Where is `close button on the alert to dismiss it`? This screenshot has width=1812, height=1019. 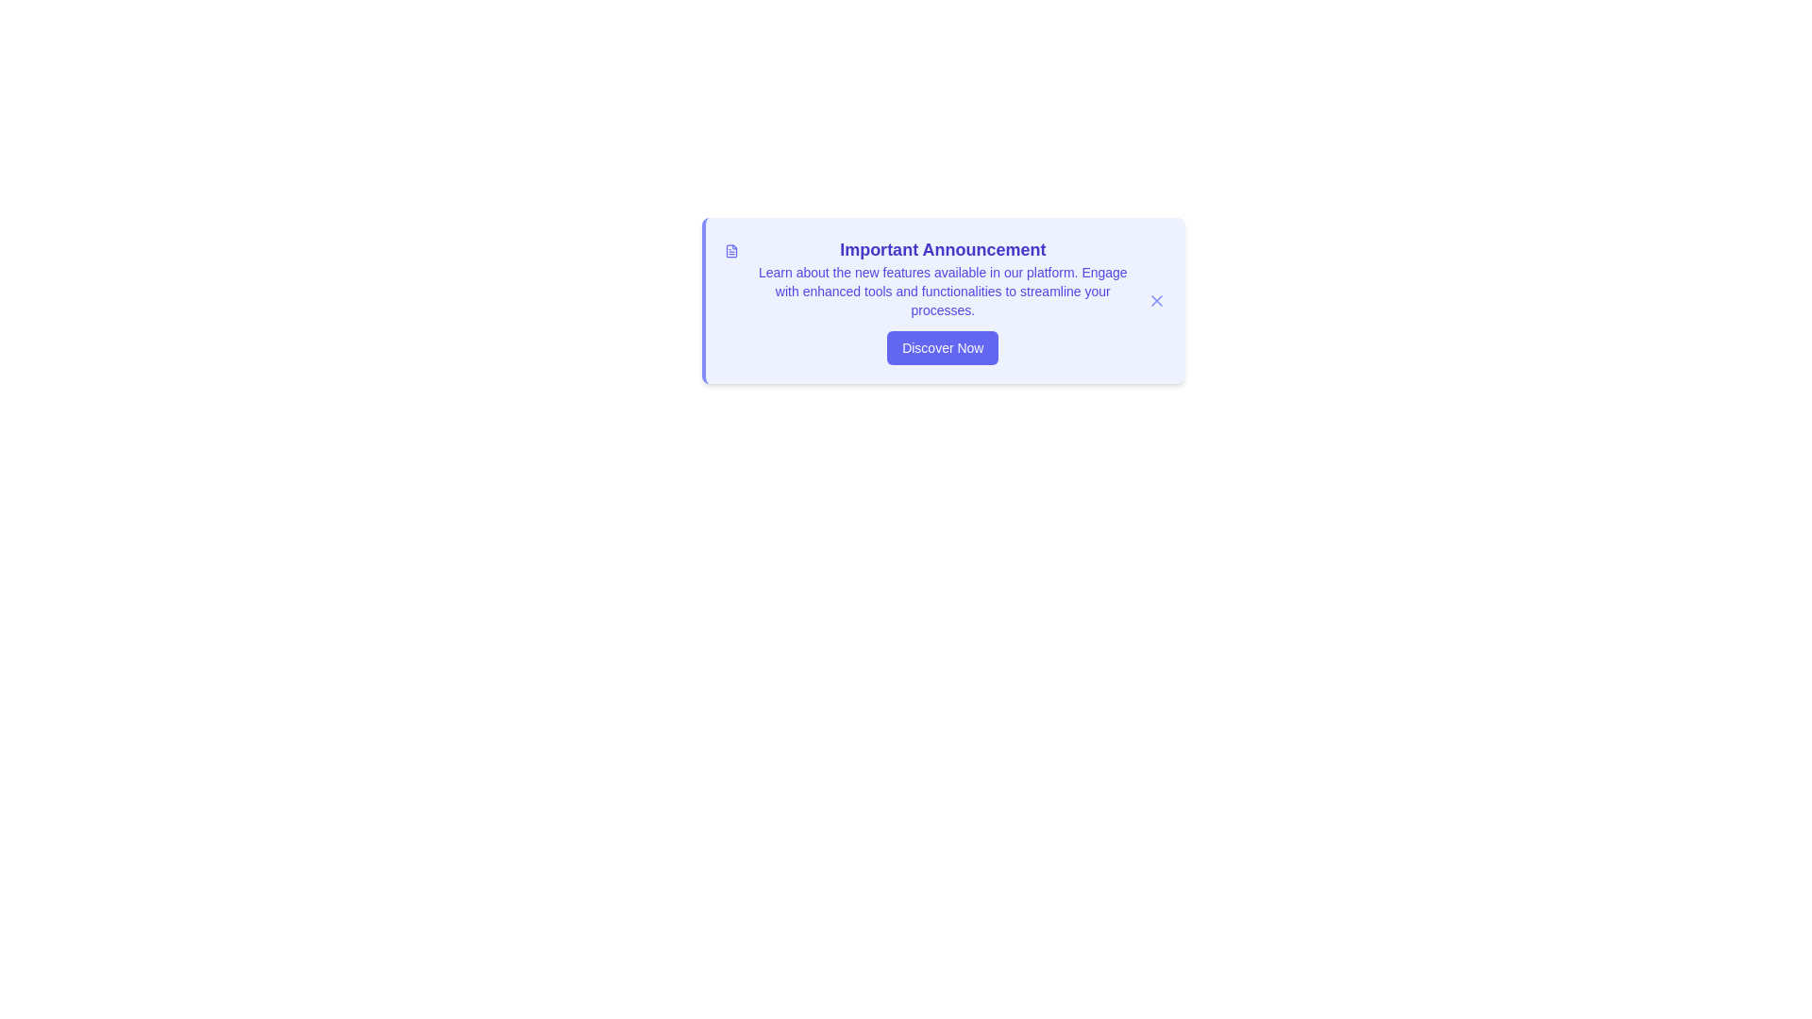 close button on the alert to dismiss it is located at coordinates (1155, 300).